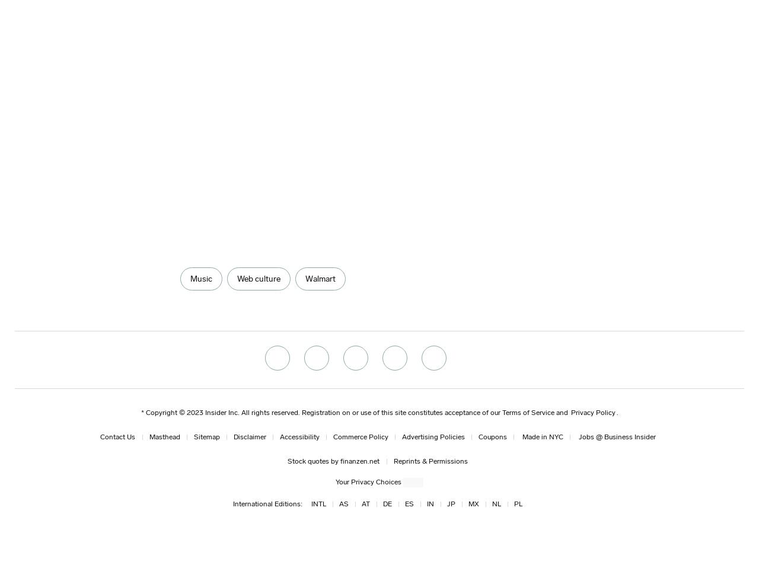  Describe the element at coordinates (492, 436) in the screenshot. I see `'Coupons'` at that location.